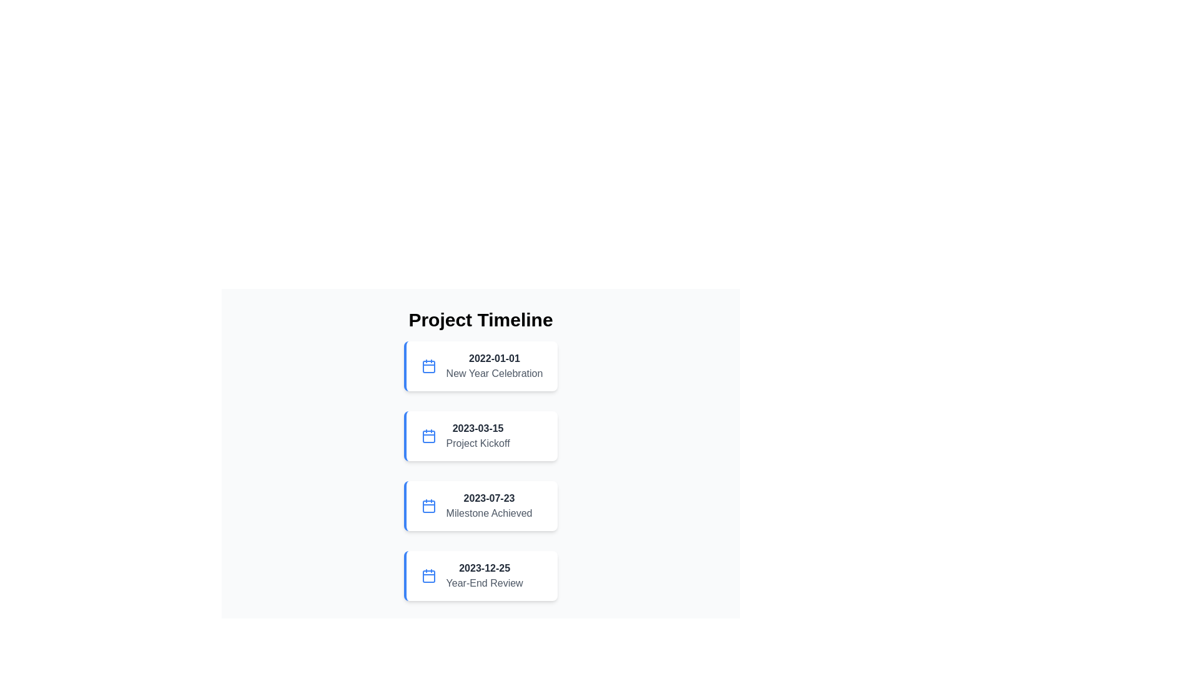 Image resolution: width=1199 pixels, height=674 pixels. I want to click on the text label located below the '2023-07-23' date in the third card of the vertical timeline list, so click(488, 513).